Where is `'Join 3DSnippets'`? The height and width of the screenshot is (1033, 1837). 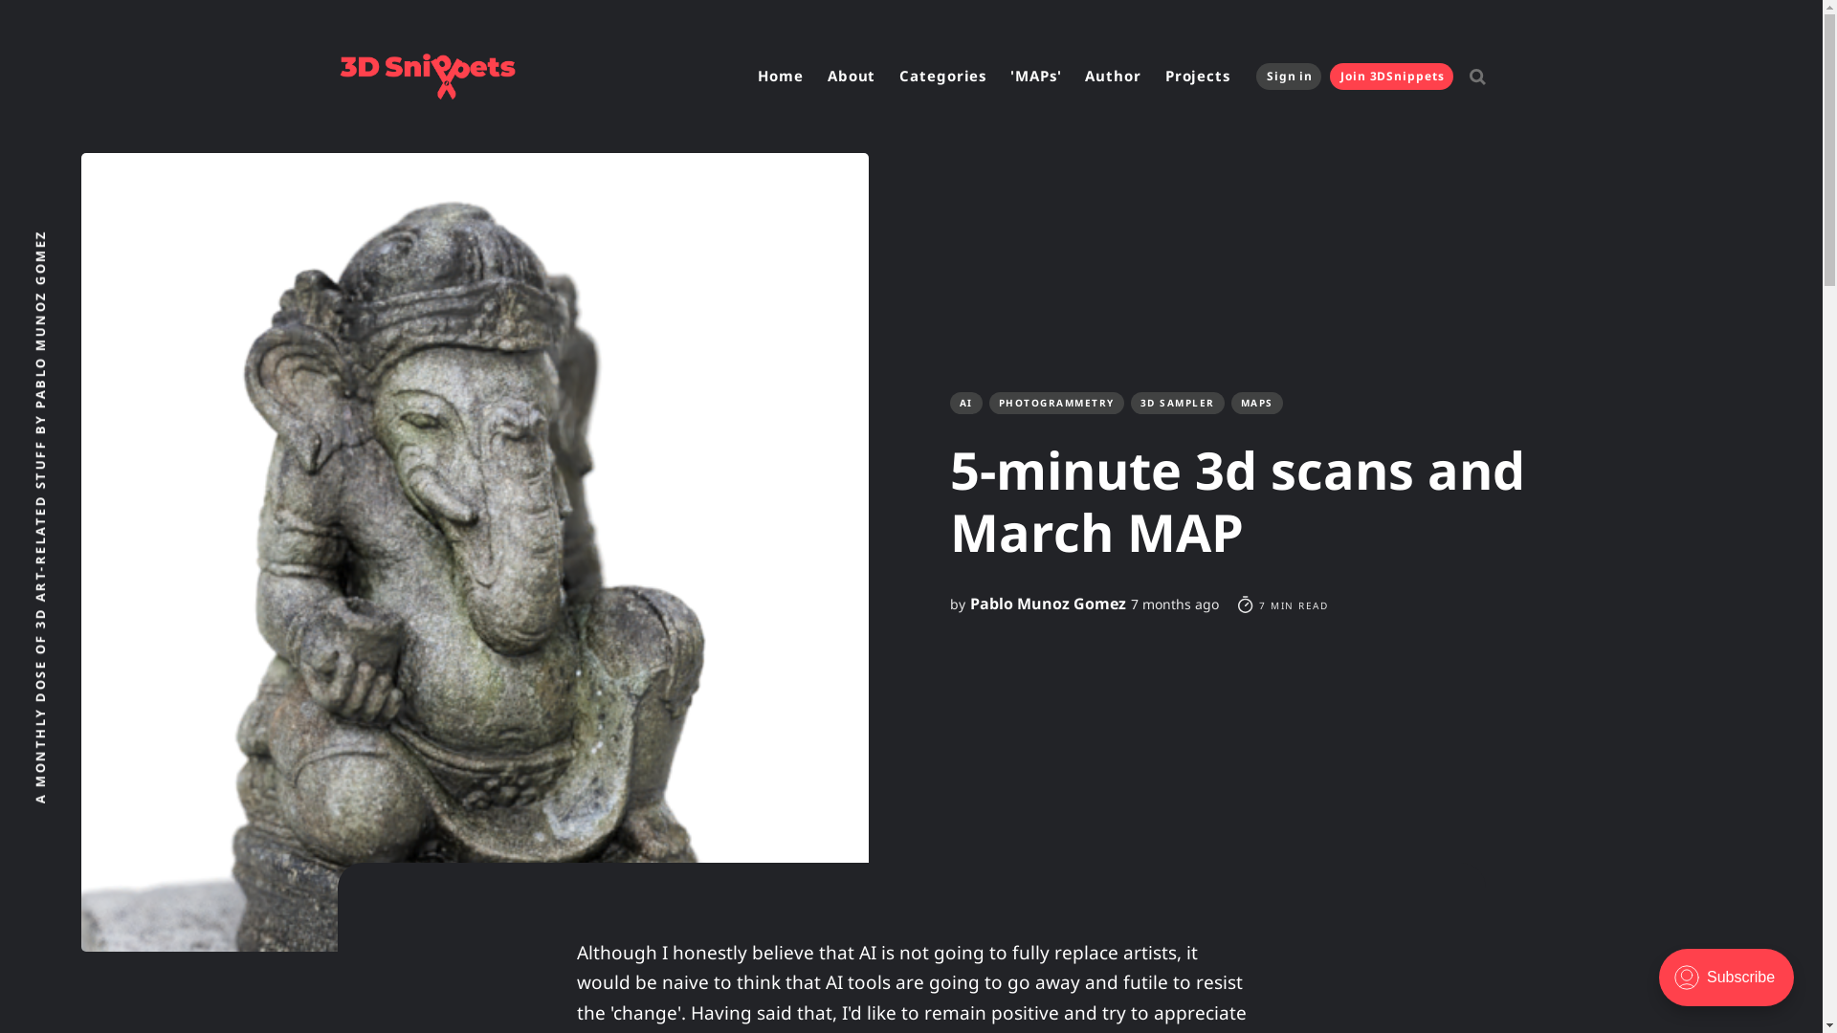
'Join 3DSnippets' is located at coordinates (1391, 76).